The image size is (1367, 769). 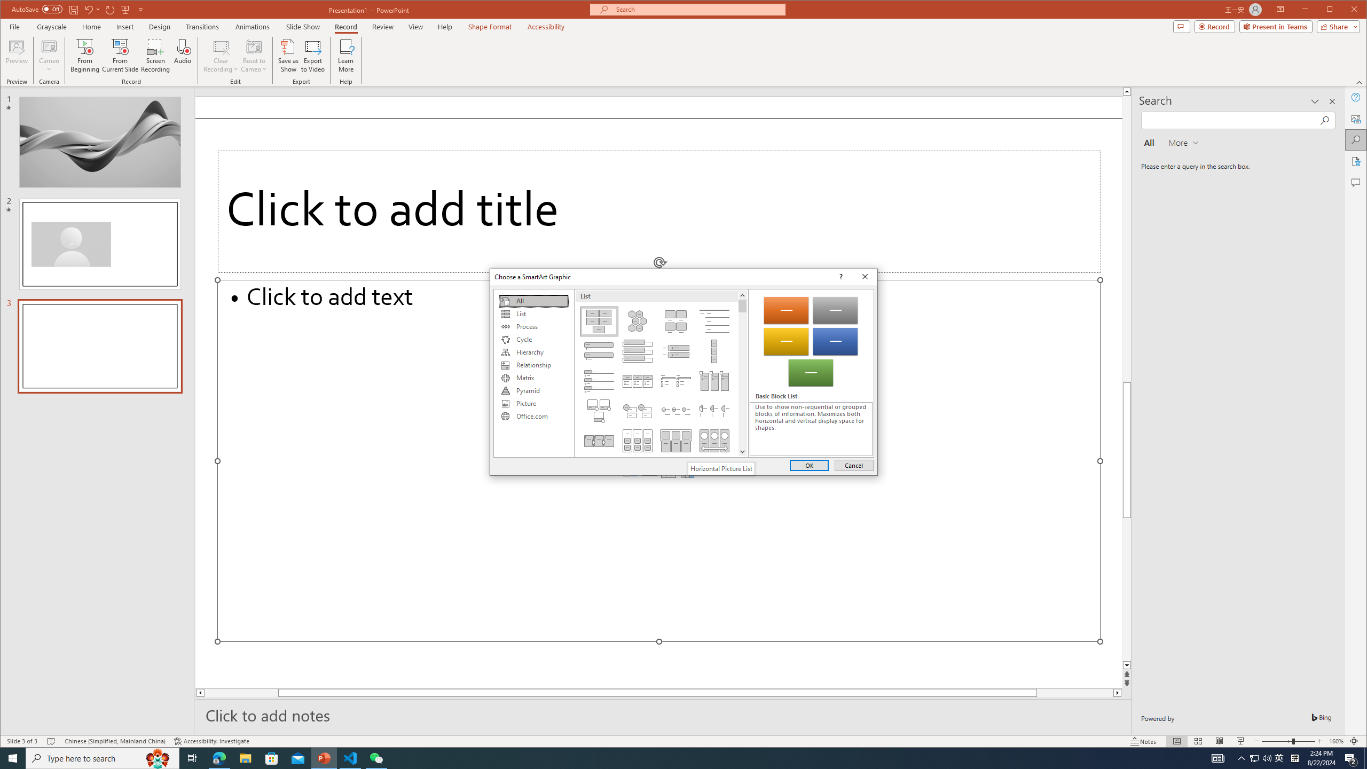 I want to click on 'From Beginning...', so click(x=85, y=55).